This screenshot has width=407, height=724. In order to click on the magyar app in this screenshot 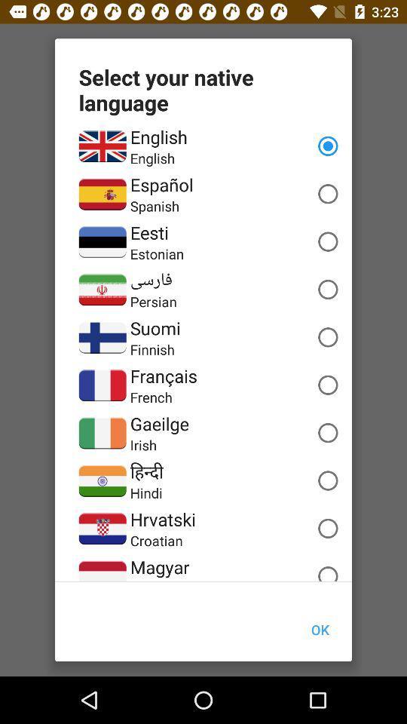, I will do `click(159, 566)`.